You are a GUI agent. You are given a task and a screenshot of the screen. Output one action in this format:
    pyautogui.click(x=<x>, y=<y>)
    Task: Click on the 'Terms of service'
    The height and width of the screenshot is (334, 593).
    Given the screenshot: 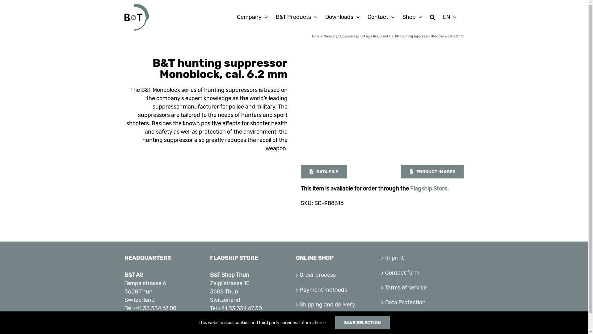 What is the action you would take?
    pyautogui.click(x=423, y=288)
    